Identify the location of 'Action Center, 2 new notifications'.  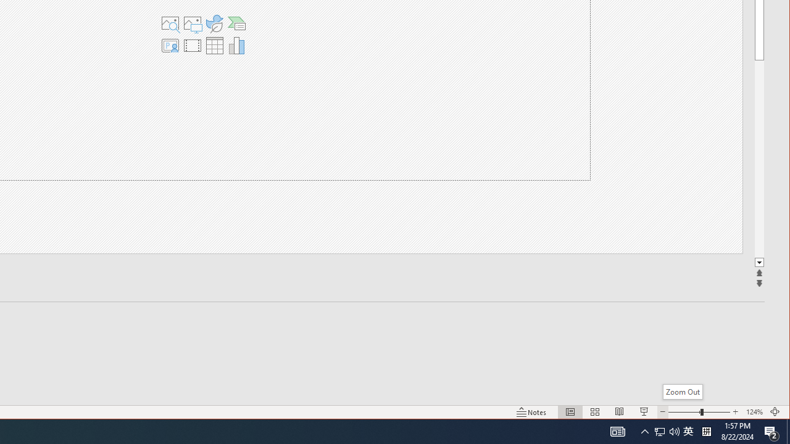
(771, 430).